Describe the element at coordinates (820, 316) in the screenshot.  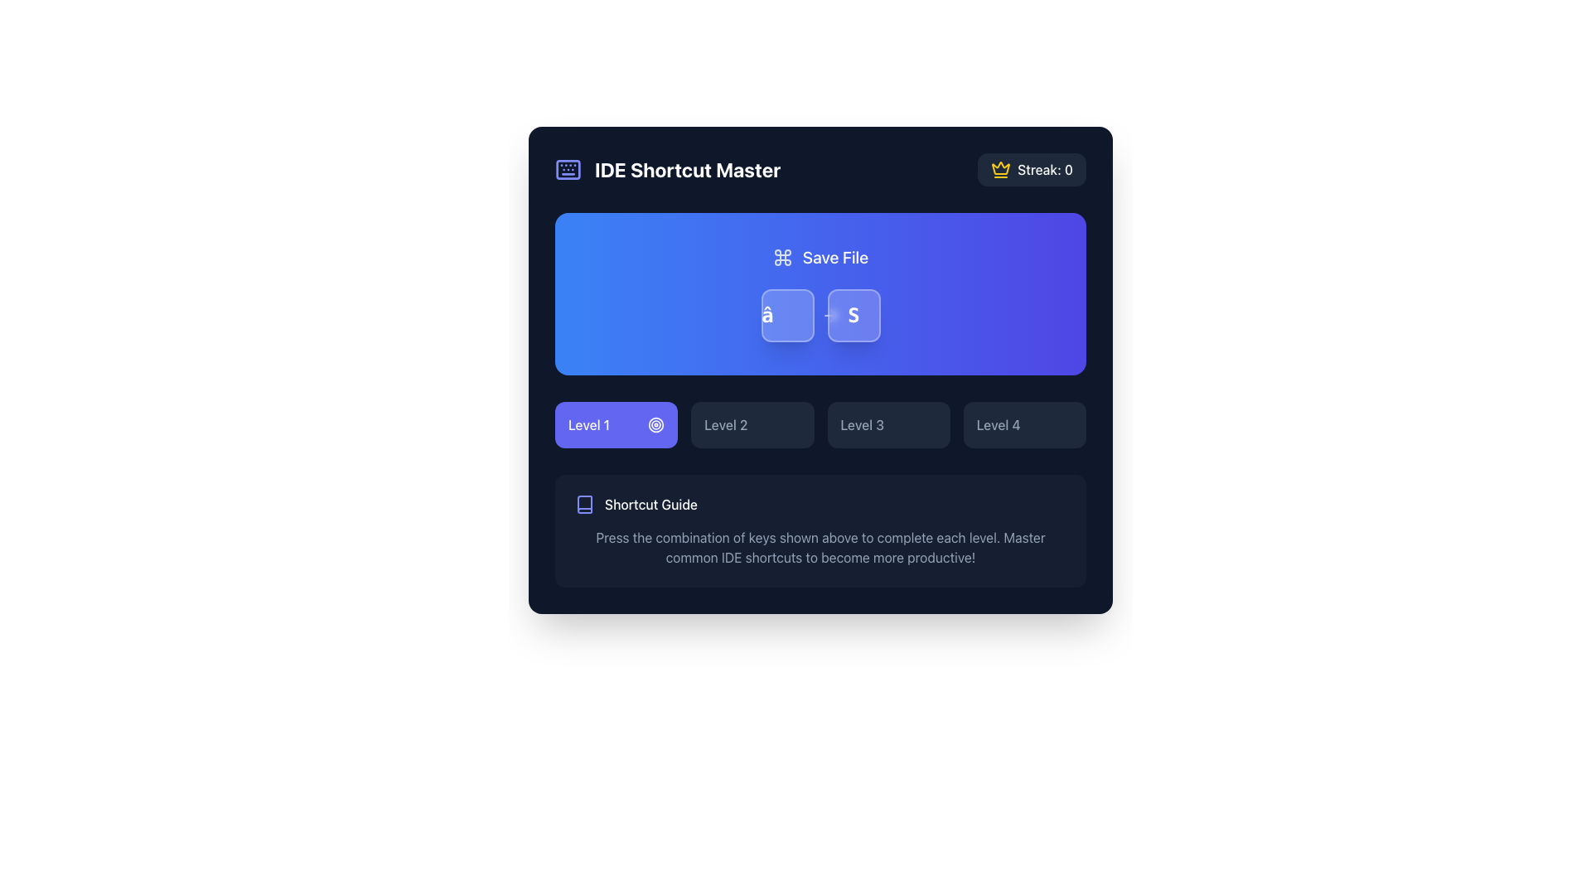
I see `the blue rectangular 'Save File' icon-text combination element containing the command symbol 'â', an arrow icon, and the letter 'S'` at that location.